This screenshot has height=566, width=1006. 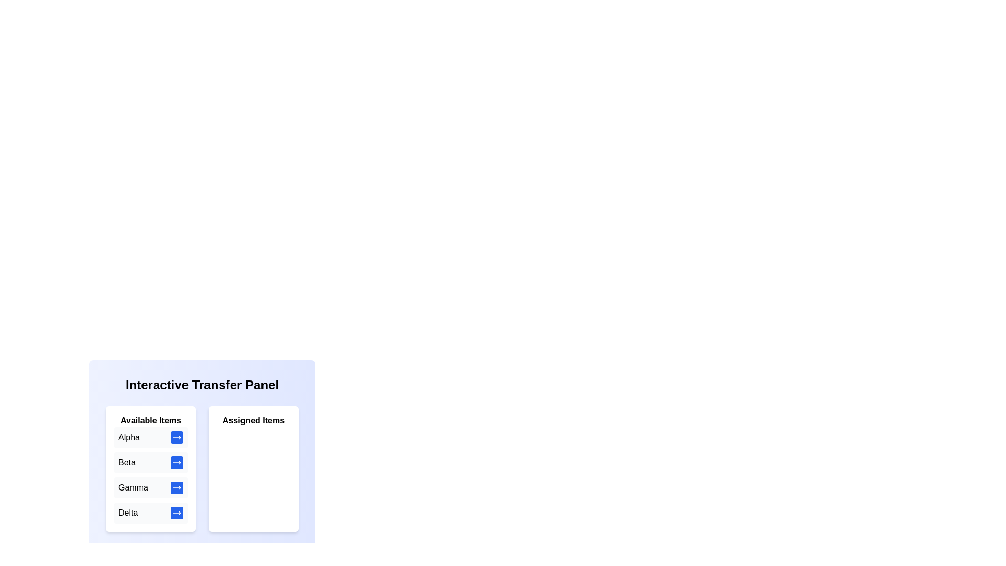 What do you see at coordinates (177, 462) in the screenshot?
I see `the transfer button next to the item Beta in the 'Available Items' list to move it to the 'Assigned Items' list` at bounding box center [177, 462].